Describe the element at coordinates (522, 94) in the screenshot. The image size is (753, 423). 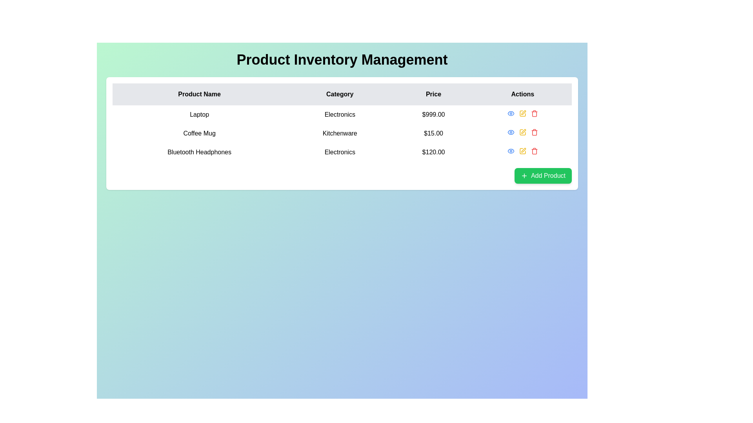
I see `the Table Header Cell` at that location.